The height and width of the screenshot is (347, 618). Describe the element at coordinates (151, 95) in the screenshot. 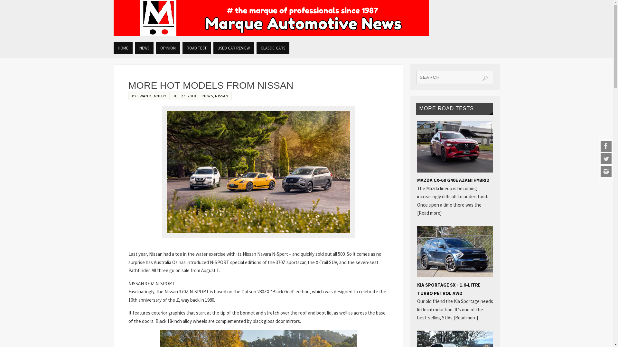

I see `'EWAN KENNEDY'` at that location.